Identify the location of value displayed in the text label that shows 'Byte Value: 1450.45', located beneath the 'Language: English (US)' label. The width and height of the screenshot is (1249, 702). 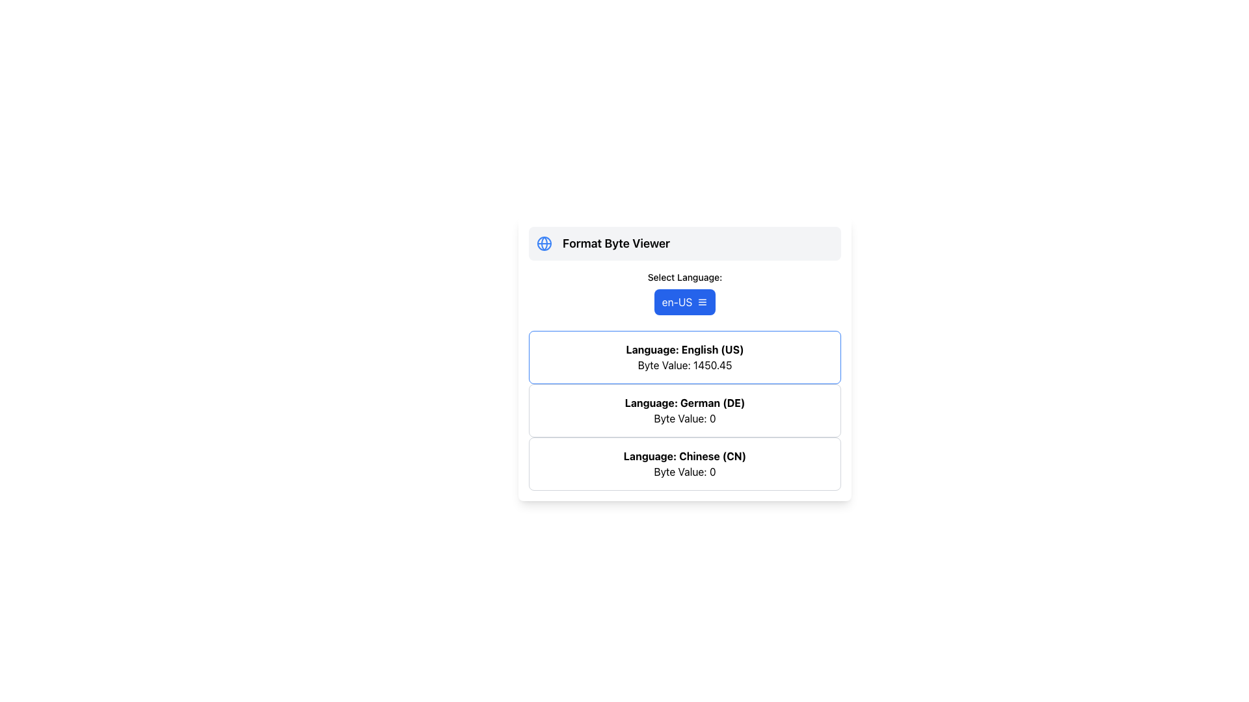
(684, 365).